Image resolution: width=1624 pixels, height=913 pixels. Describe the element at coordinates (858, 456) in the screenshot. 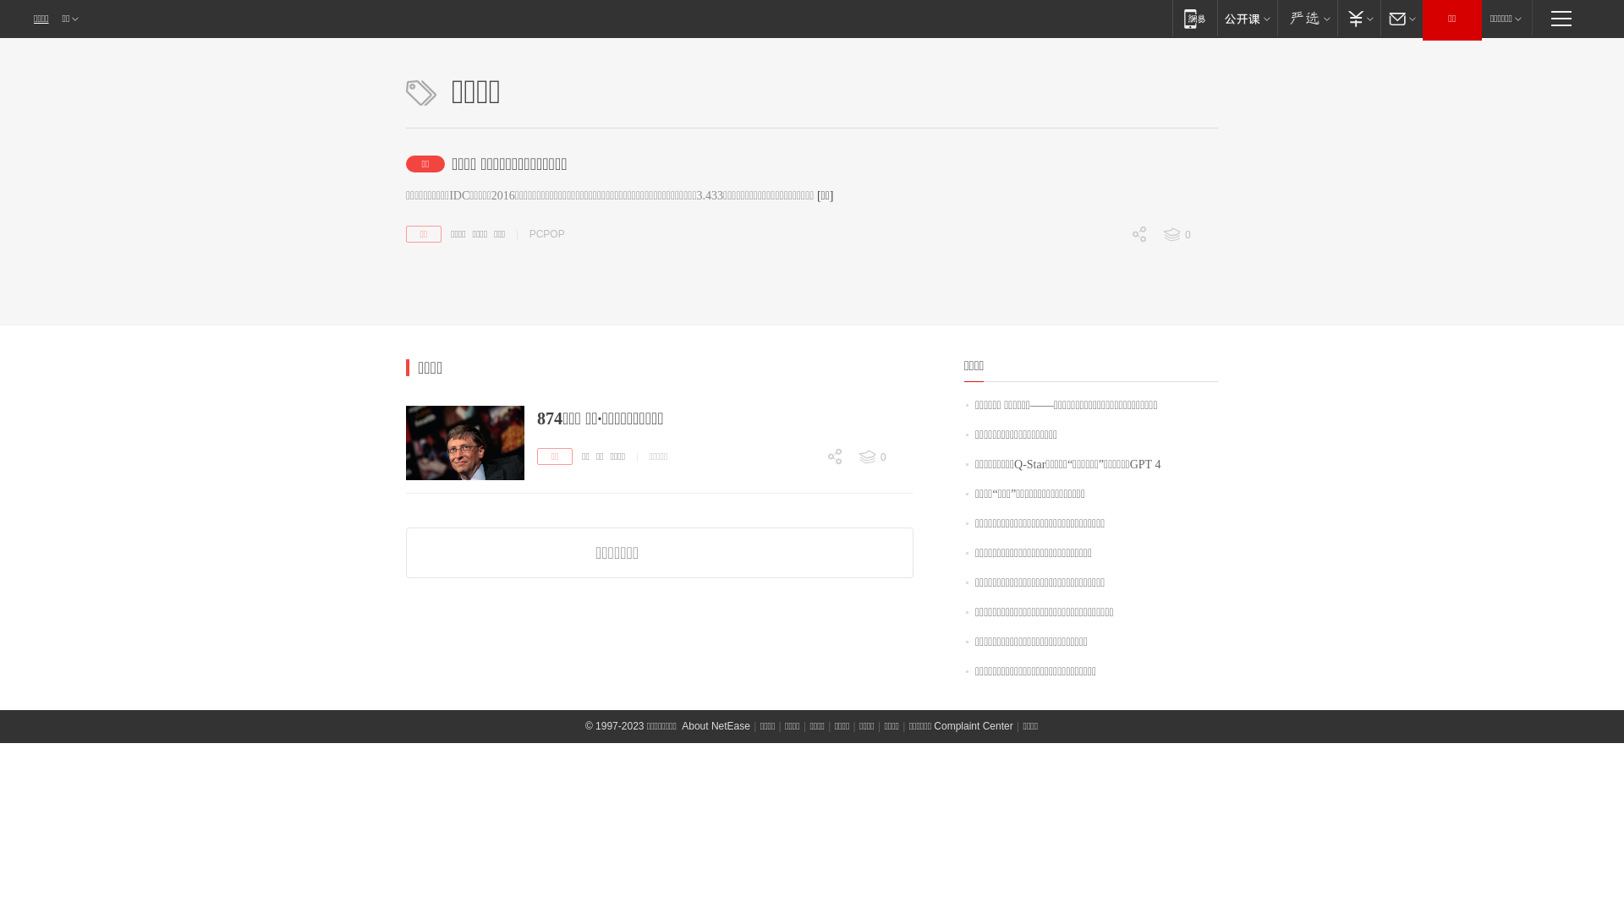

I see `'0'` at that location.